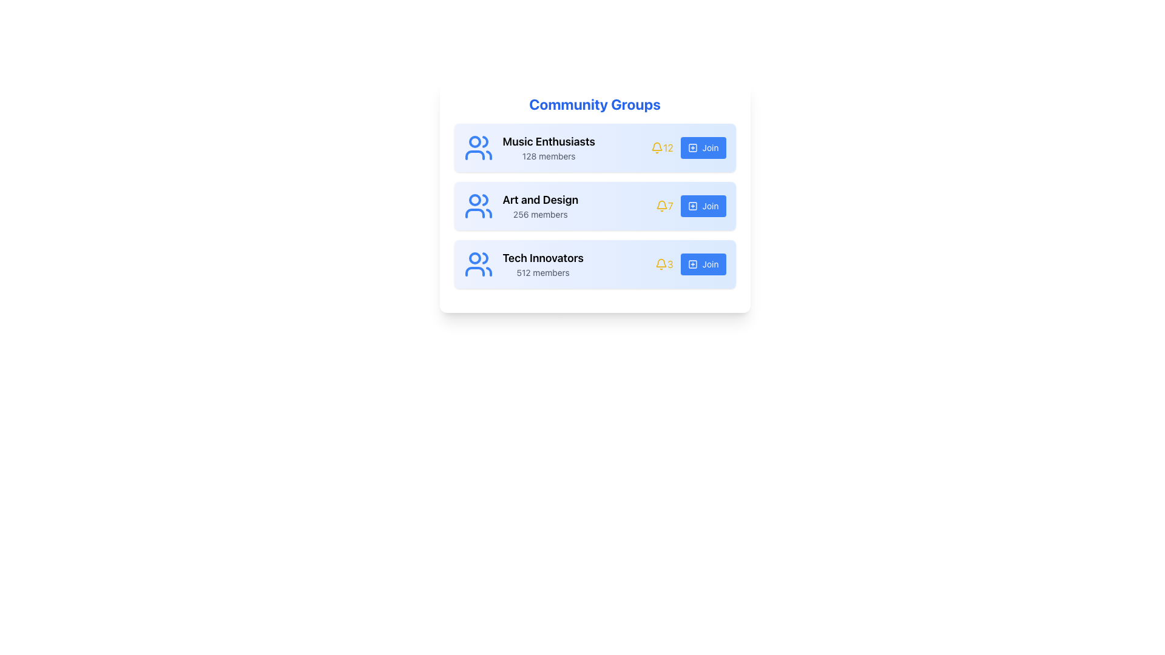 The image size is (1165, 655). I want to click on the static text label indicating the number of members in the 'Music Enthusiasts' group, which is located below the group title in the first card of the community groups list, so click(548, 156).